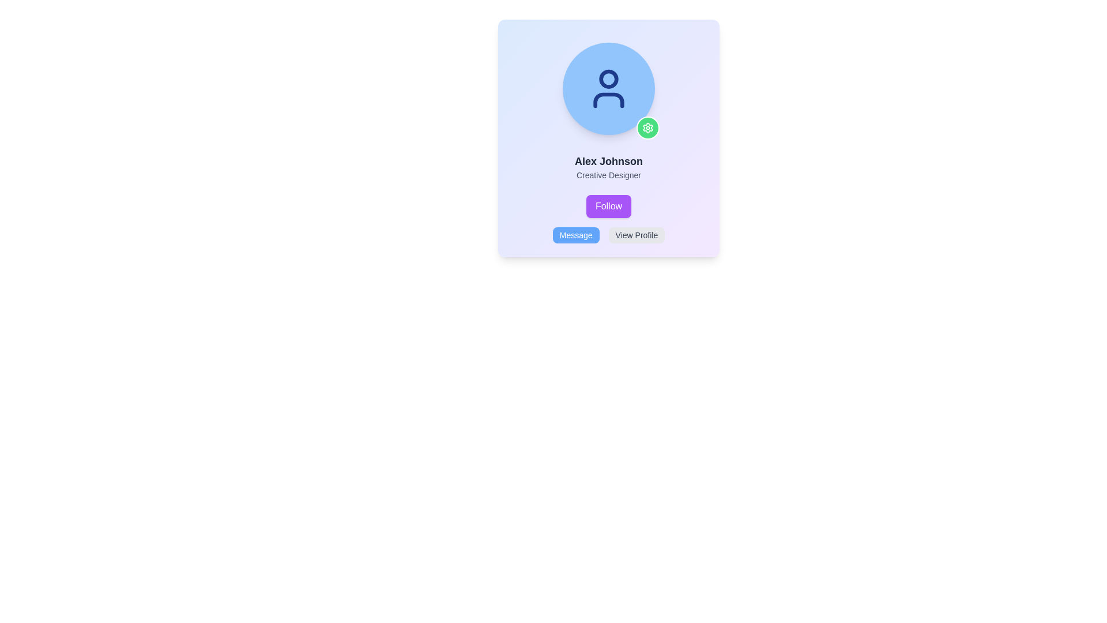 The width and height of the screenshot is (1107, 623). Describe the element at coordinates (608, 206) in the screenshot. I see `the 'Follow' button located in the center-bottom area of the user profile card to initiate following the profile user` at that location.